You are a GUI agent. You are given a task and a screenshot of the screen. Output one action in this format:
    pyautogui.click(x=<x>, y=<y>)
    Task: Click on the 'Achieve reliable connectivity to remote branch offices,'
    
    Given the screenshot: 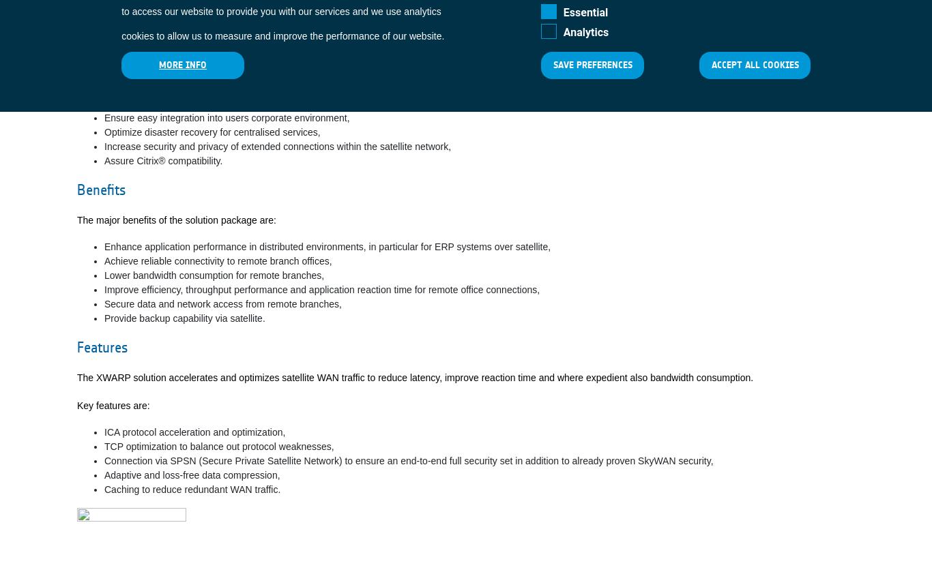 What is the action you would take?
    pyautogui.click(x=218, y=260)
    